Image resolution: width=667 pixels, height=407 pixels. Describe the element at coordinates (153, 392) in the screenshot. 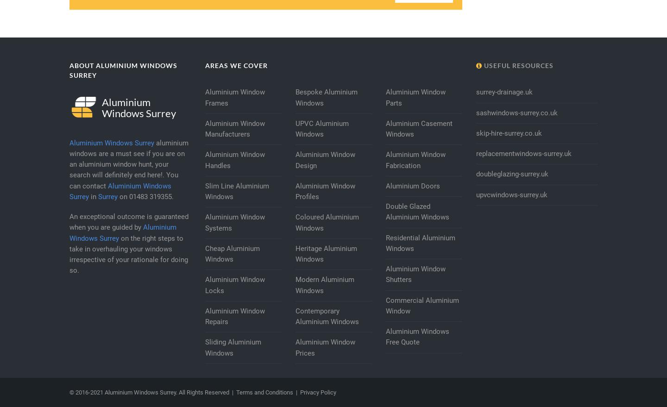

I see `'© 2016-2021 Aluminium Windows Surrey. All Rights Reserved  |'` at that location.